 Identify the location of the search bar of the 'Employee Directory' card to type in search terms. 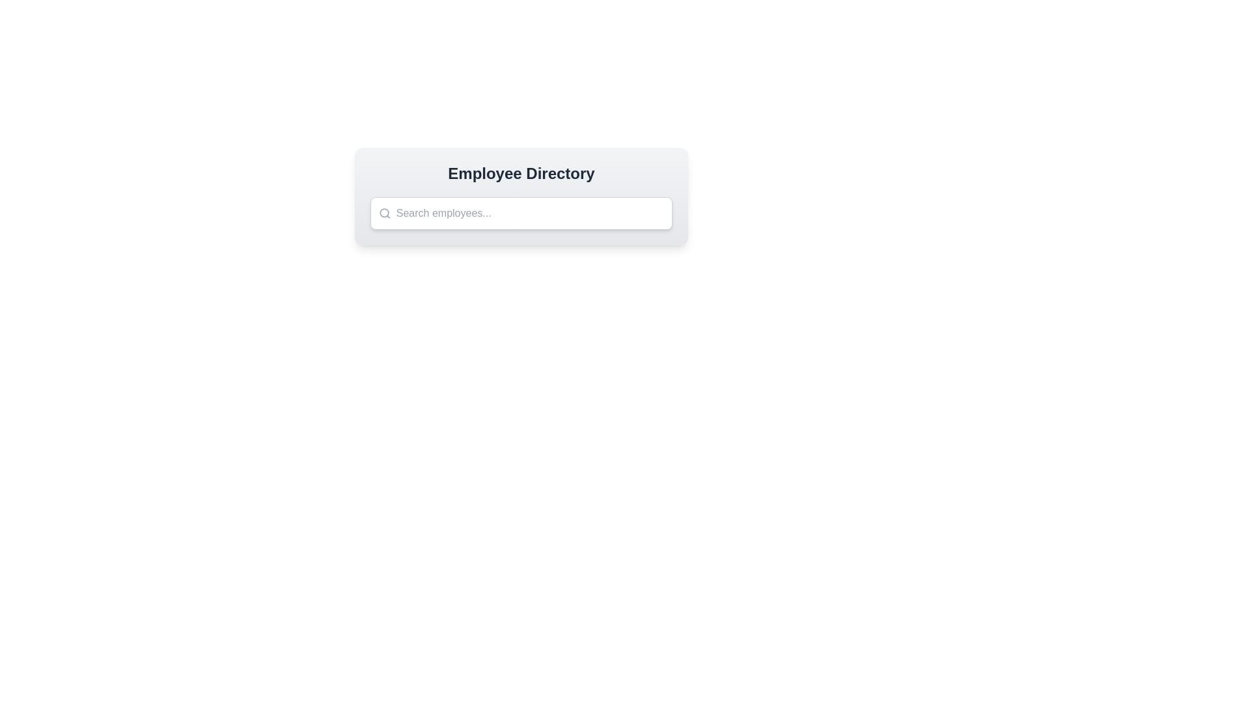
(521, 196).